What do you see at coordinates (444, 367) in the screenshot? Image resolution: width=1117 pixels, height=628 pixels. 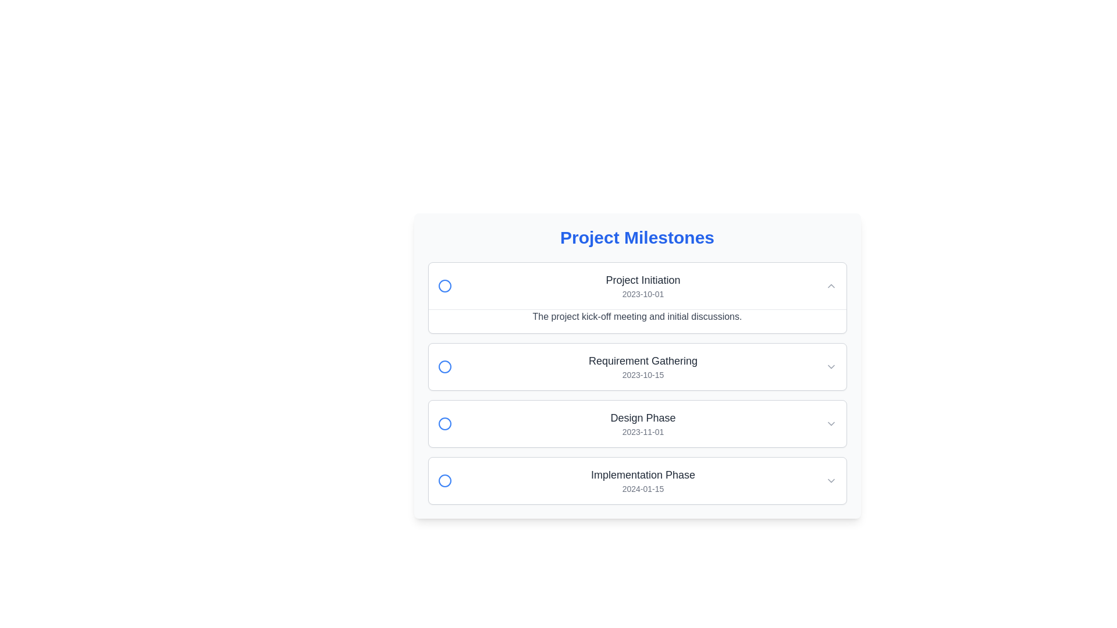 I see `the blue circular status indicator located at the beginning of the 'Requirement Gathering' list item dated '2023-10-15' for additional feedback` at bounding box center [444, 367].